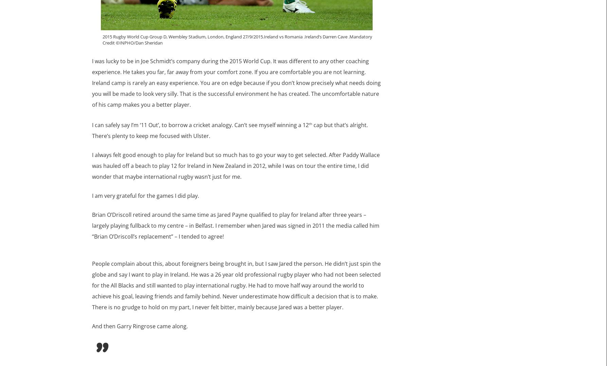  I want to click on 'cap but that’s alright. There’s plenty to keep me focused with Ulster.', so click(229, 130).